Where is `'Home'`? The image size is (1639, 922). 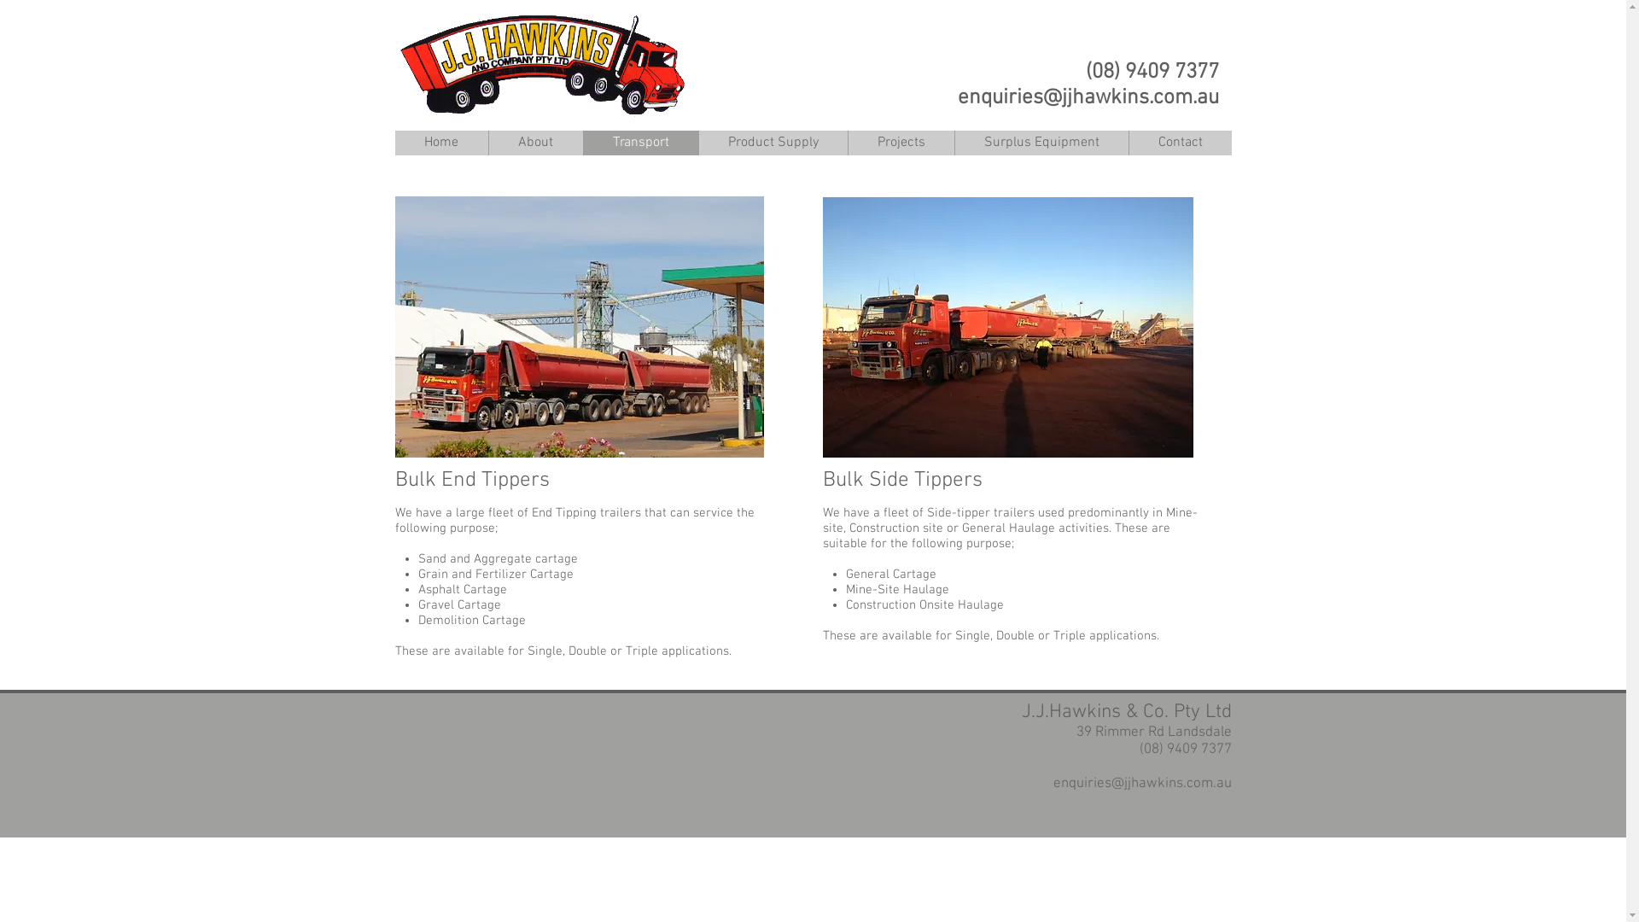
'Home' is located at coordinates (393, 142).